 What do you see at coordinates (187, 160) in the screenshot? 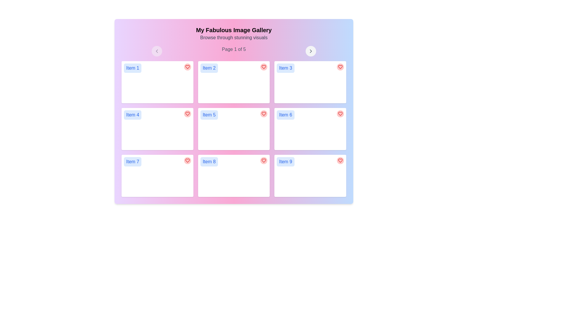
I see `the heart-shaped icon in the 'Item 7' box` at bounding box center [187, 160].